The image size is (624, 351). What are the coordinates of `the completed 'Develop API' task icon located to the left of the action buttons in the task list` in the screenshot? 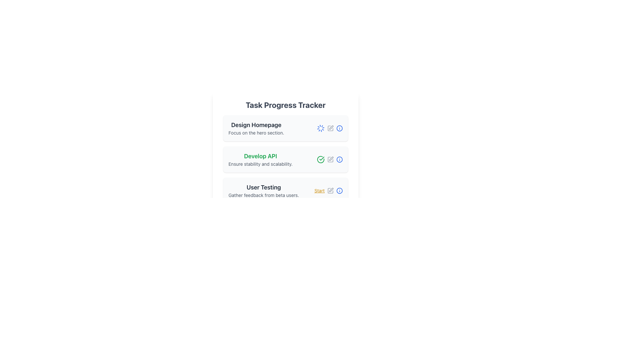 It's located at (321, 159).